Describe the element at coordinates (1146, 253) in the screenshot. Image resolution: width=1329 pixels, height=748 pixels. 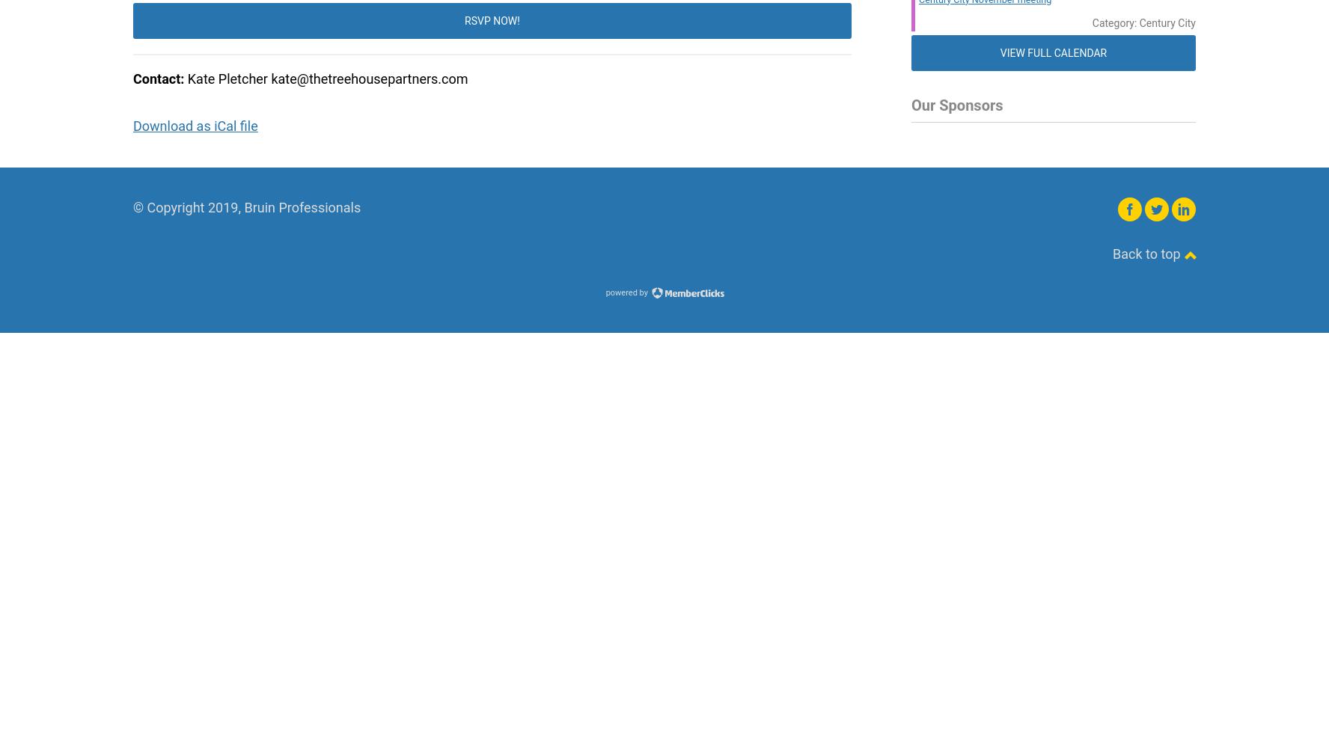
I see `'Back to top'` at that location.